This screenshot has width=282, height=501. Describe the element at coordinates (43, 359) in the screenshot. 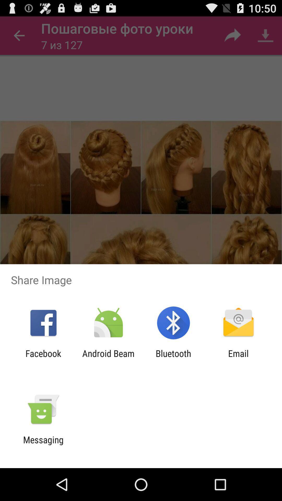

I see `app to the left of the android beam app` at that location.